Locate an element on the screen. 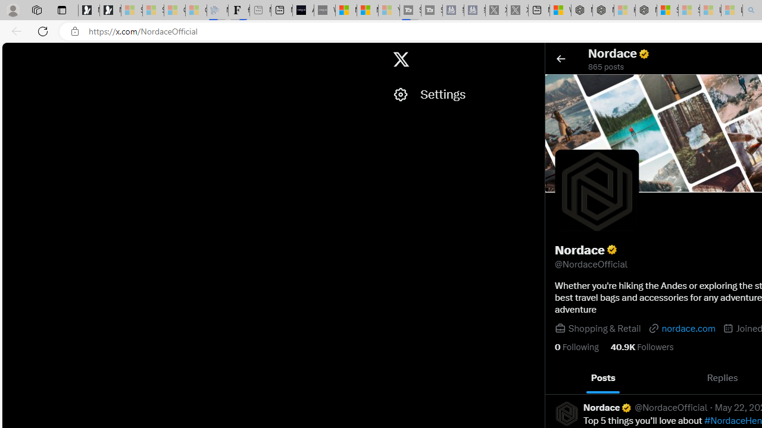  'Nordace - Nordace Siena Is Not An Ordinary Backpack' is located at coordinates (645, 10).